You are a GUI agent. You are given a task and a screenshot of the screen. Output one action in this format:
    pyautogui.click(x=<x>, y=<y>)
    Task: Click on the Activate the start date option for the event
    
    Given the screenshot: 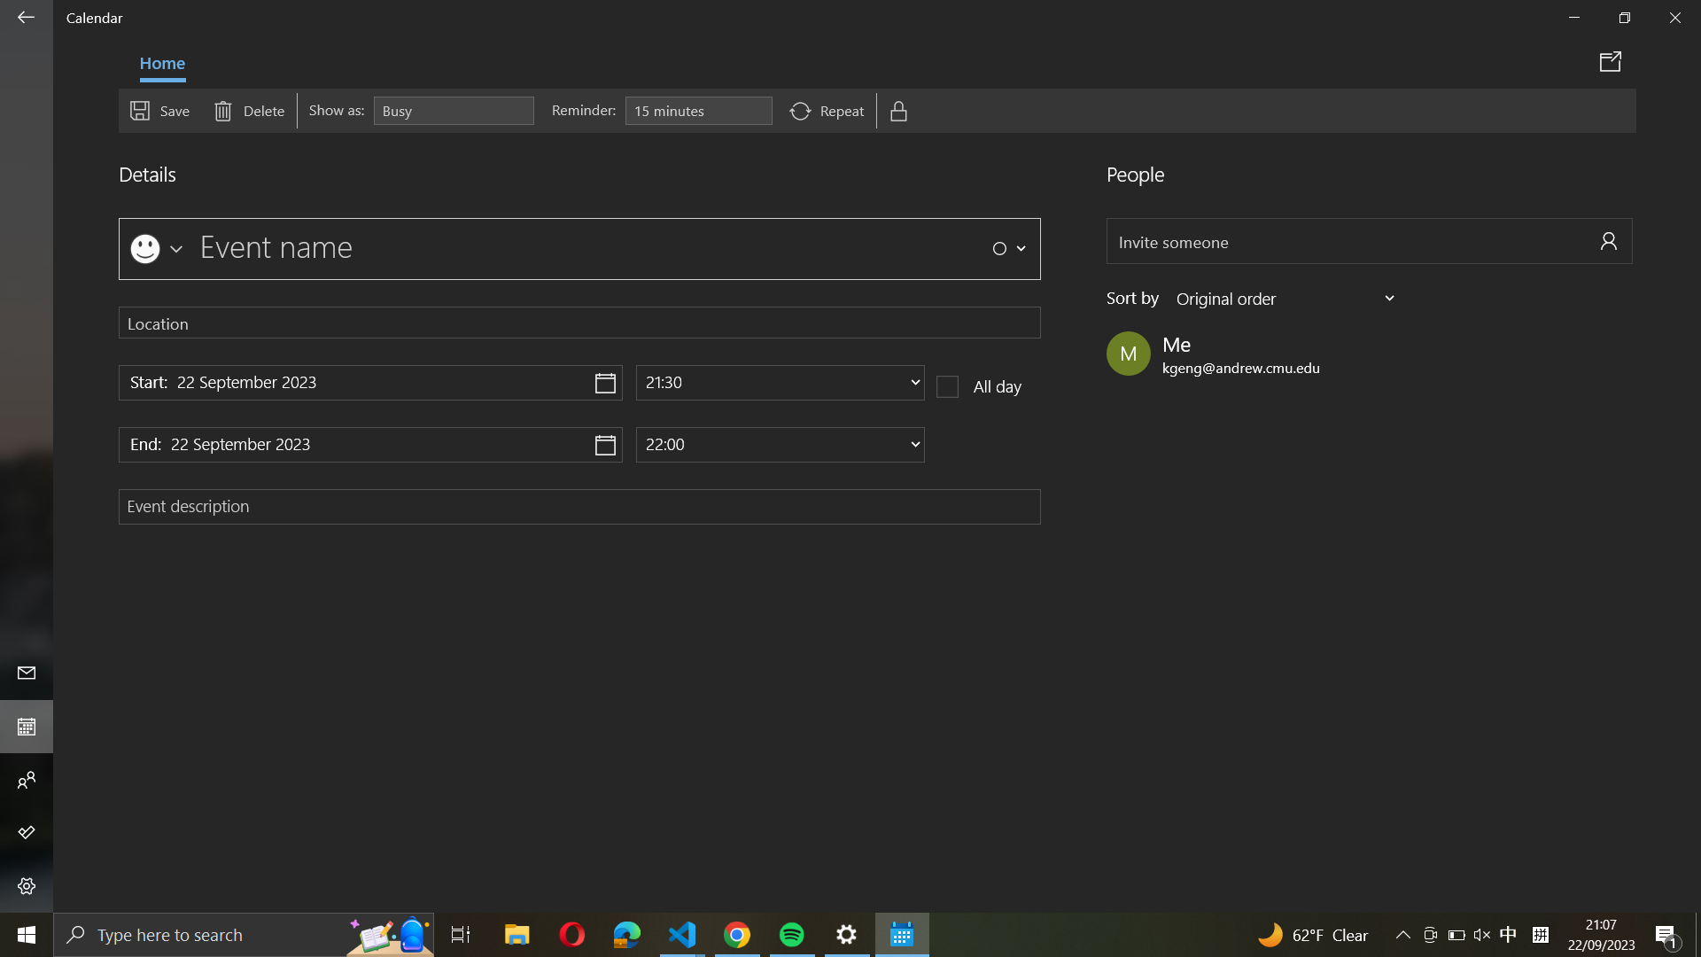 What is the action you would take?
    pyautogui.click(x=369, y=382)
    